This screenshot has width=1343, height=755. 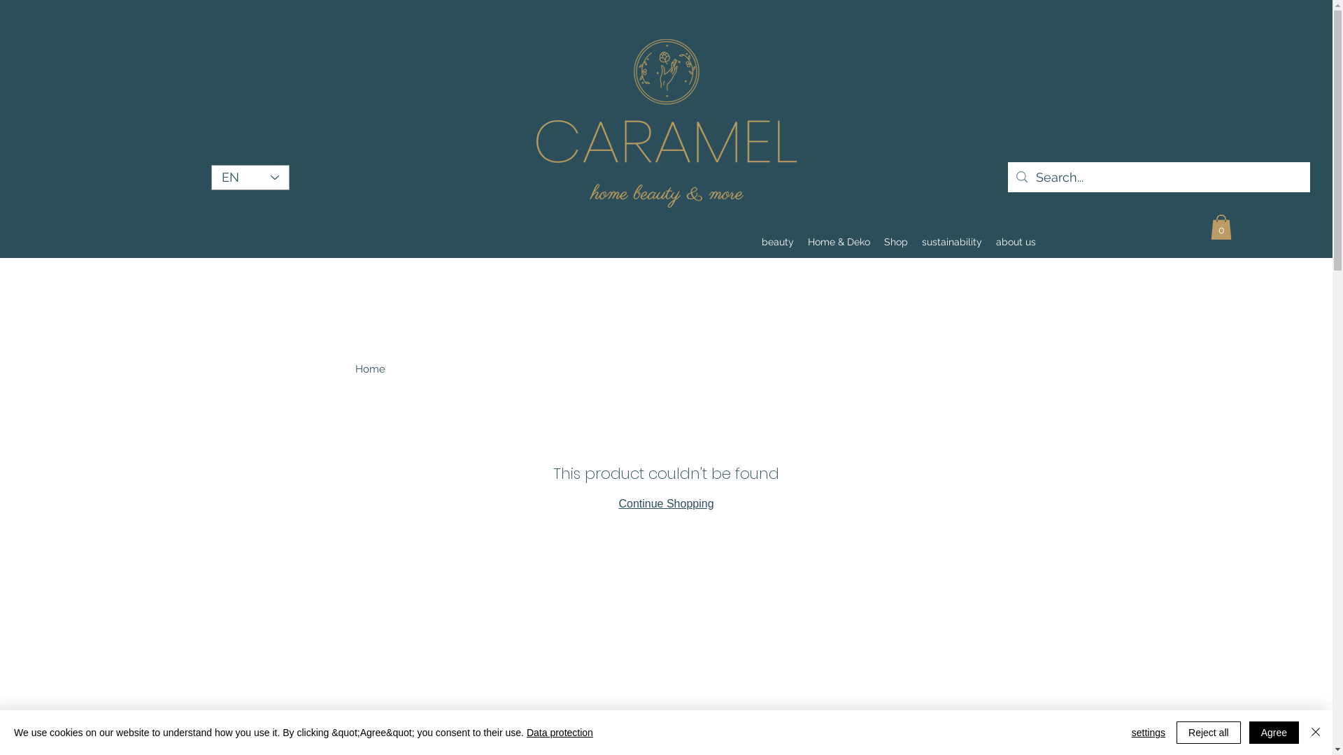 What do you see at coordinates (1274, 732) in the screenshot?
I see `'Agree'` at bounding box center [1274, 732].